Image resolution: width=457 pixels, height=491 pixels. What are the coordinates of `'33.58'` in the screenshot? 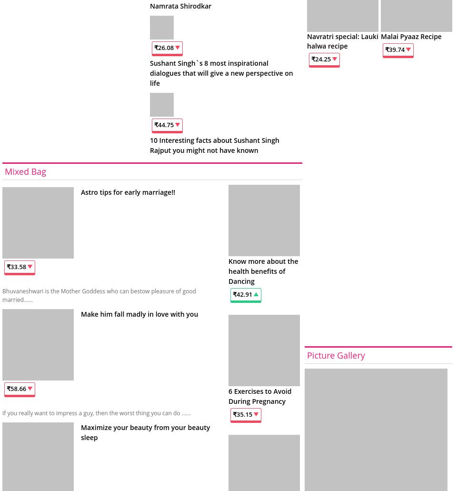 It's located at (18, 266).